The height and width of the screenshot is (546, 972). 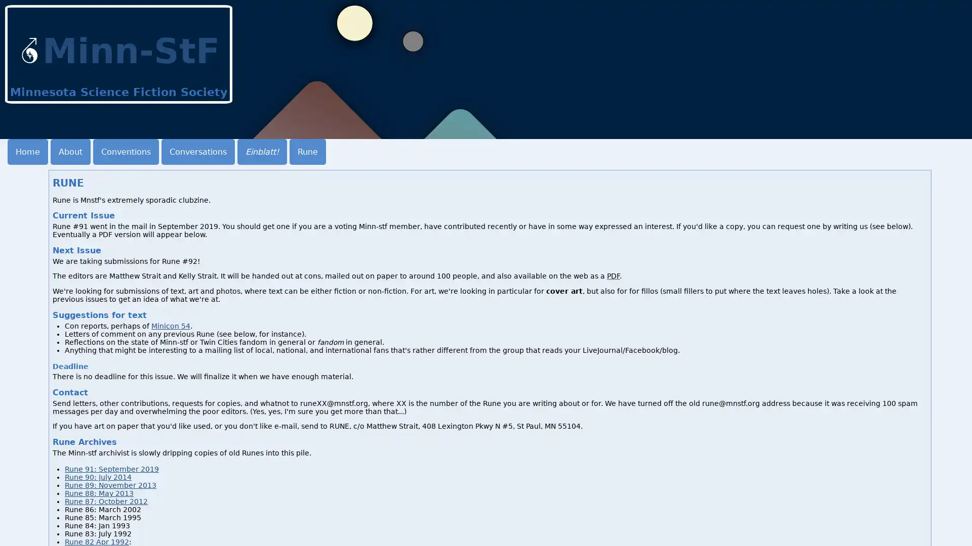 I want to click on Rune, so click(x=307, y=152).